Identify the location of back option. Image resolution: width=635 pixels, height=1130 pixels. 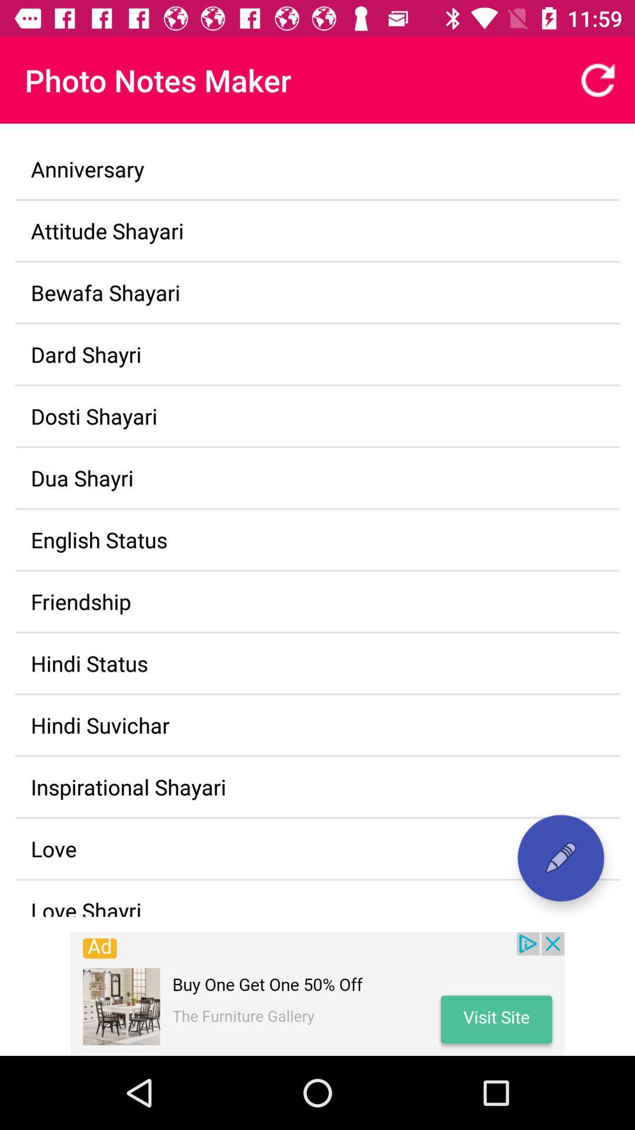
(598, 79).